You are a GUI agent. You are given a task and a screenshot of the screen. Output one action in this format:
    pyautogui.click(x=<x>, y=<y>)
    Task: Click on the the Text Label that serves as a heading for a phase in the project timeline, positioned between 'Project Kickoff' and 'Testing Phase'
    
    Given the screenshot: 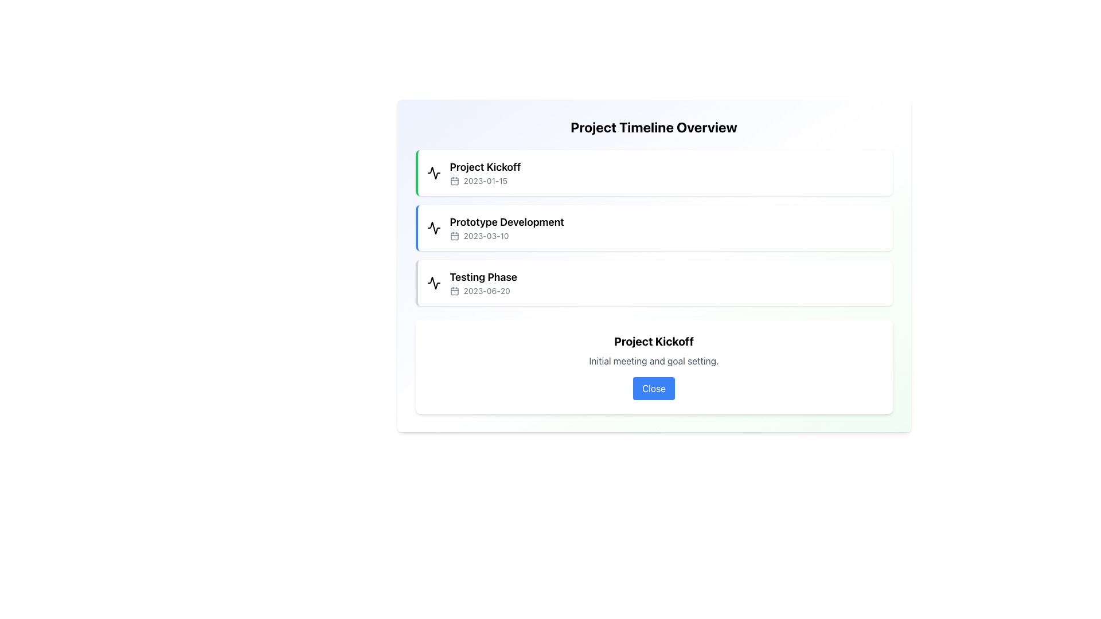 What is the action you would take?
    pyautogui.click(x=506, y=222)
    